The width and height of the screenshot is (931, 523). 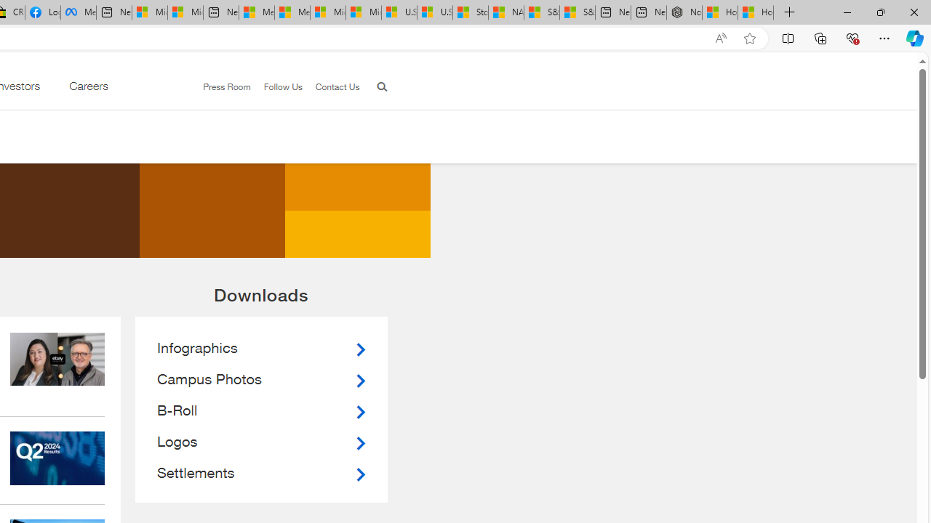 What do you see at coordinates (42, 12) in the screenshot?
I see `'Log into Facebook'` at bounding box center [42, 12].